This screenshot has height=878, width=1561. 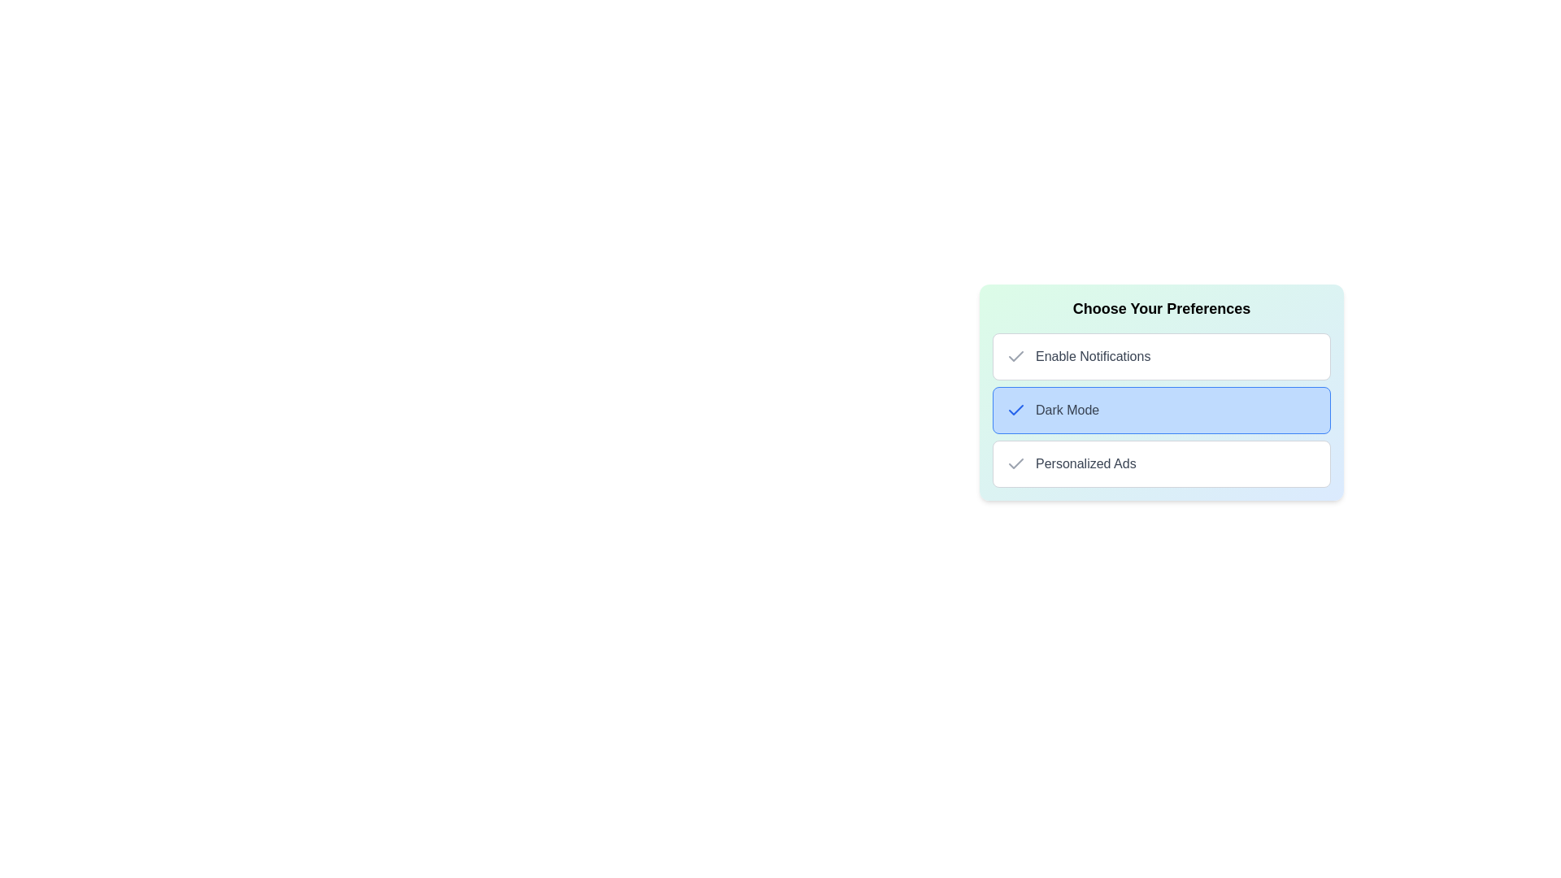 I want to click on the Text label describing an option related to personalized advertisements, located in the bottom row of the preferences list under 'Choose Your Preferences.', so click(x=1085, y=463).